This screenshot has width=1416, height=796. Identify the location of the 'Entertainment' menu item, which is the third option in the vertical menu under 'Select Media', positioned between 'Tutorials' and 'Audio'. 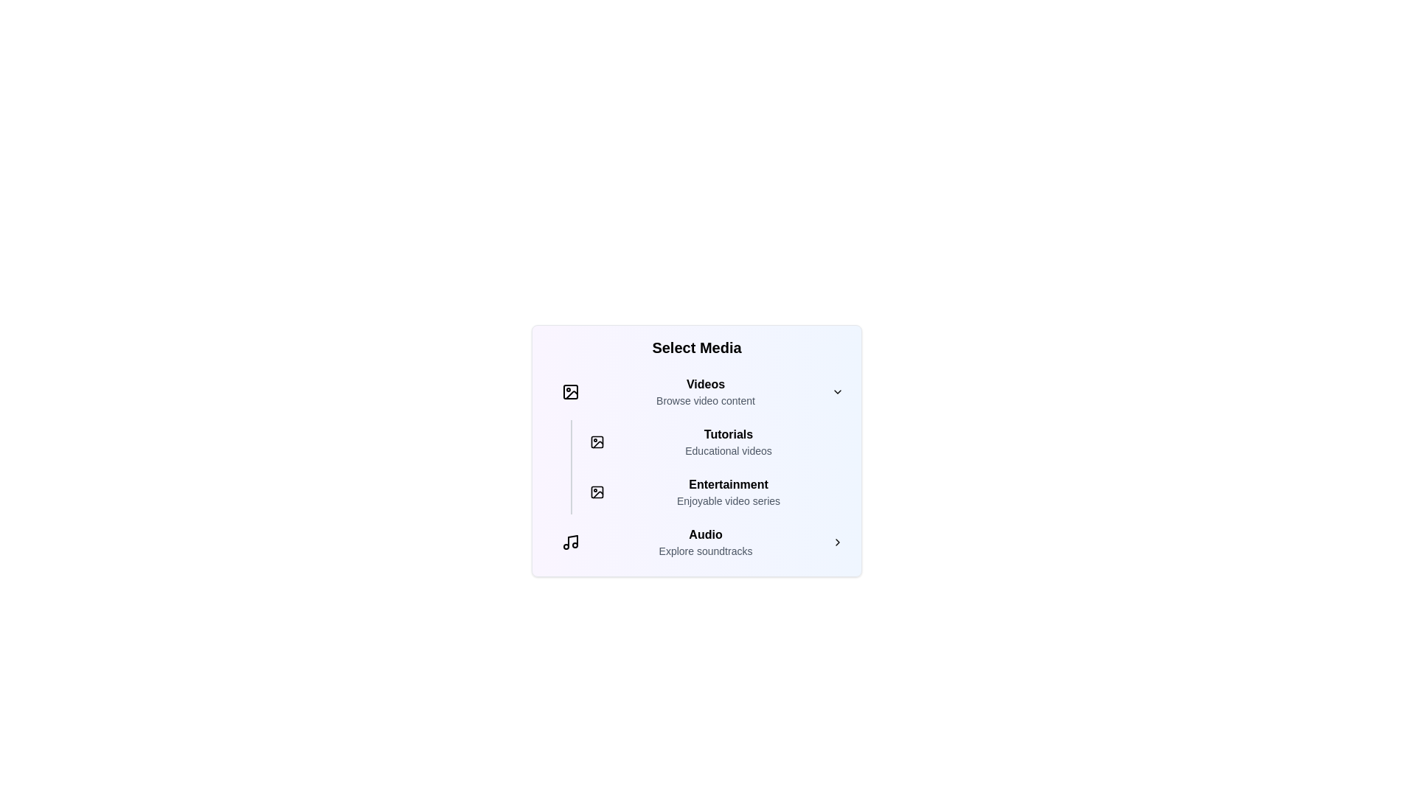
(716, 492).